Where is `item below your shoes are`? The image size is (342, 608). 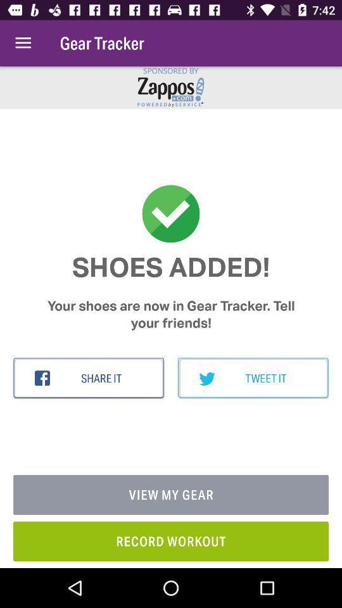 item below your shoes are is located at coordinates (88, 378).